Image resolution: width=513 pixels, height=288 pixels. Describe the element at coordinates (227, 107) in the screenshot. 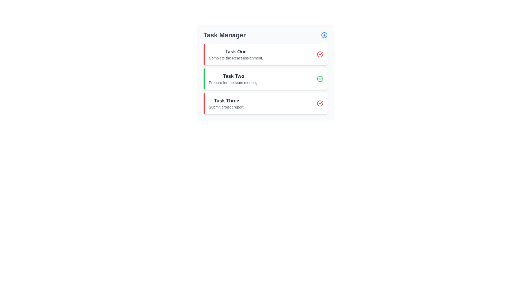

I see `the text label that reads 'Submit project report.' located in the lower part of the 'Task Three' section of the task list interface` at that location.